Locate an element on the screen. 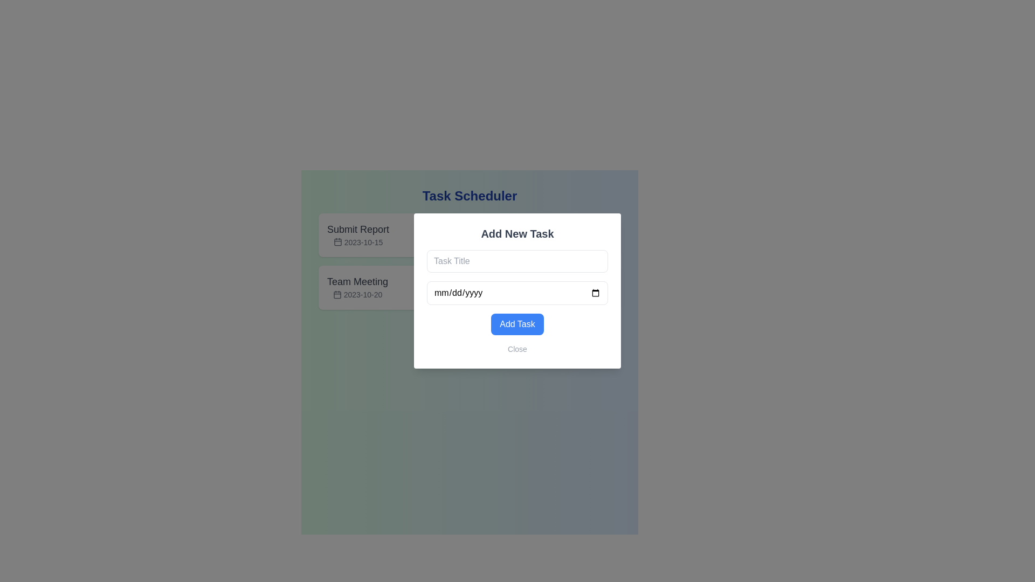  the visual indicator icon to the left of the text '2023-10-15' in the task labeled 'Submit Report' is located at coordinates (337, 241).